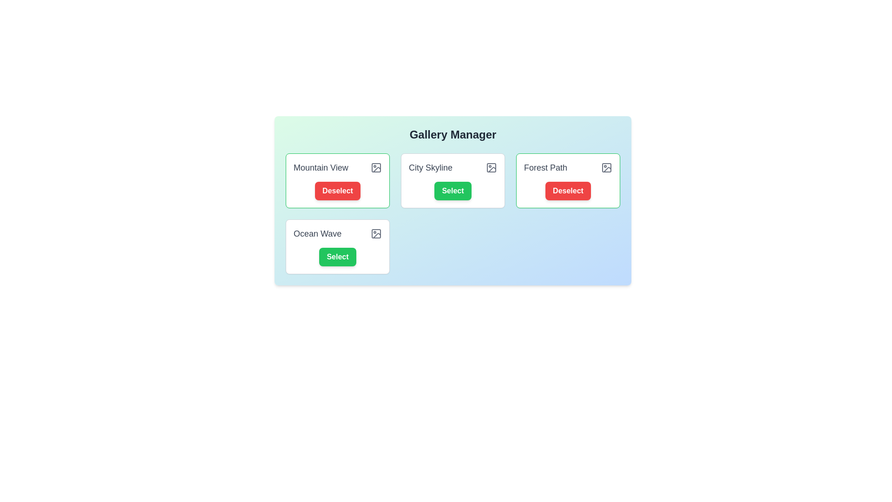 The image size is (892, 502). I want to click on the image icon for the photo entry titled 'Mountain View', so click(376, 168).